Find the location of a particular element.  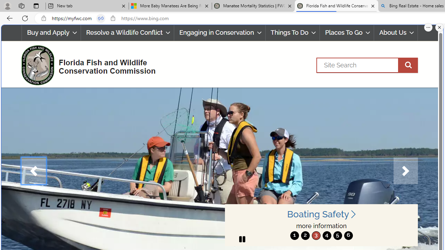

'More options.' is located at coordinates (428, 27).